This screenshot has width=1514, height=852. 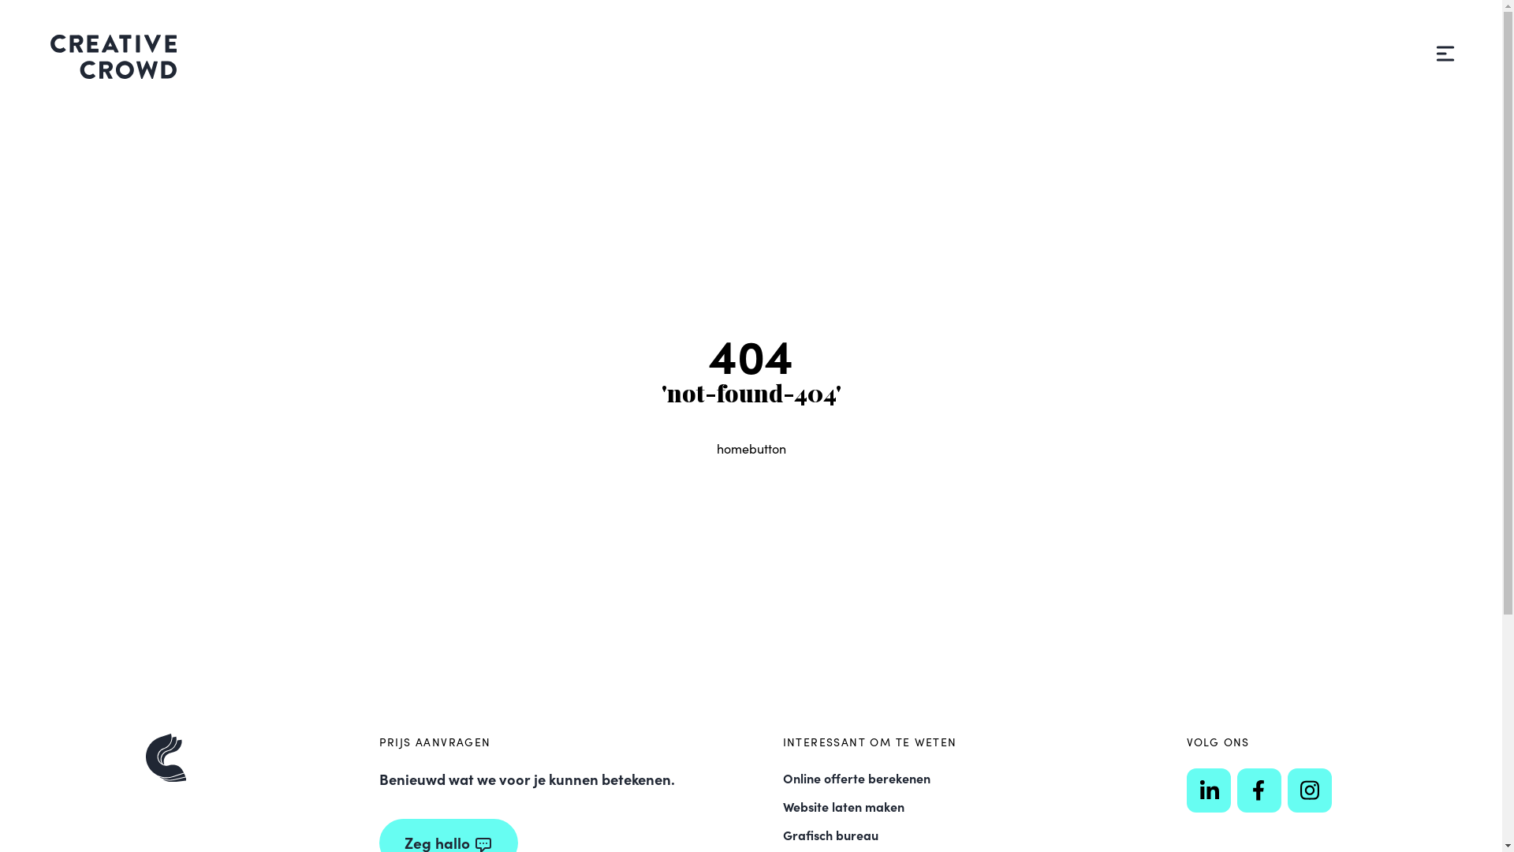 I want to click on 'Website laten maken', so click(x=842, y=806).